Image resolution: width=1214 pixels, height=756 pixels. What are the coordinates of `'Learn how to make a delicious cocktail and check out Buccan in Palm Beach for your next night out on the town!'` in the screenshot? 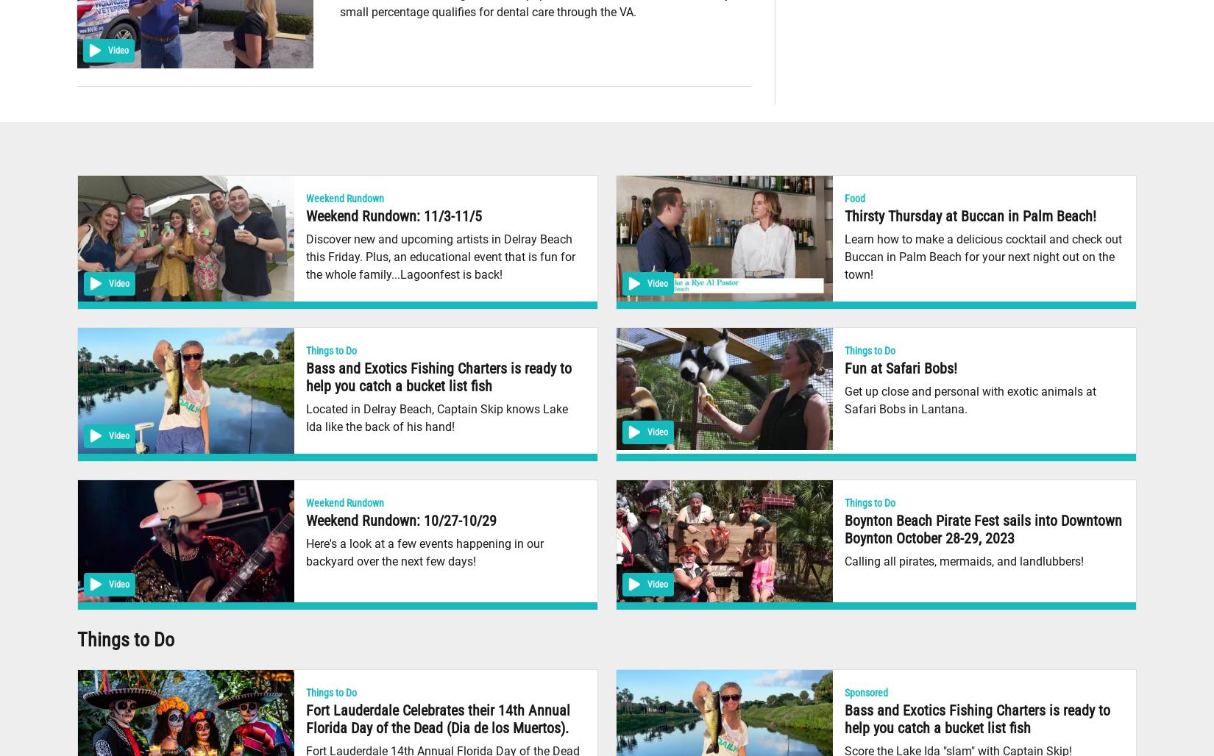 It's located at (845, 256).